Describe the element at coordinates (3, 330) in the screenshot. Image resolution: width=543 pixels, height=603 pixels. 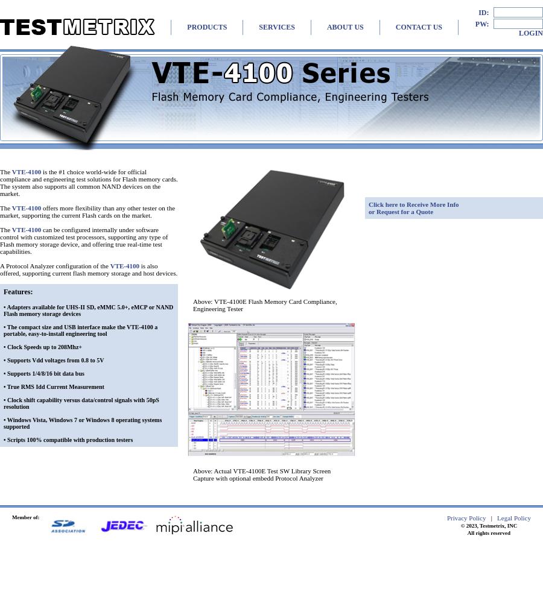
I see `'The compact size and USB interface make the VTE-4100 a portable, easy-to-install engineering tool'` at that location.